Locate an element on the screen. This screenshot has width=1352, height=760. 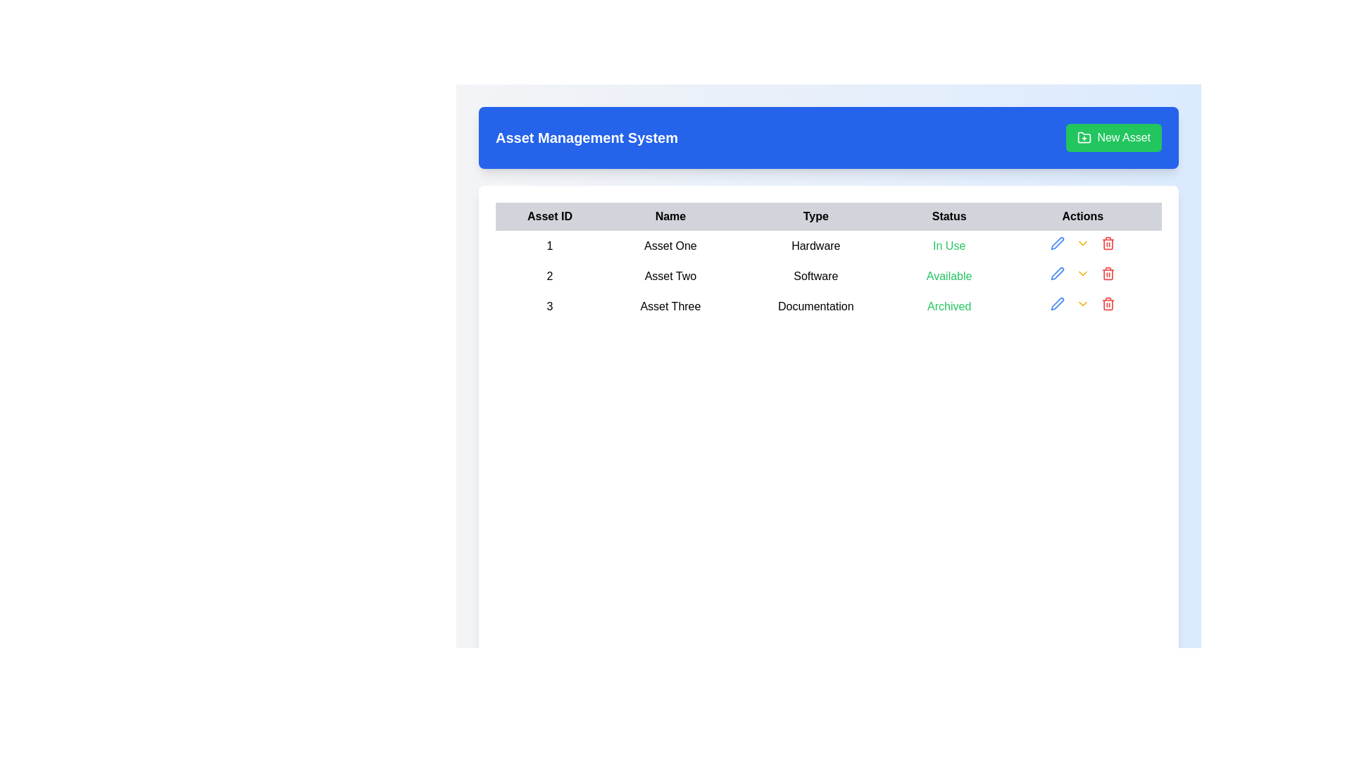
the text label displaying 'Name', which is a bold black font positioned in the second column of the table header row is located at coordinates (670, 217).